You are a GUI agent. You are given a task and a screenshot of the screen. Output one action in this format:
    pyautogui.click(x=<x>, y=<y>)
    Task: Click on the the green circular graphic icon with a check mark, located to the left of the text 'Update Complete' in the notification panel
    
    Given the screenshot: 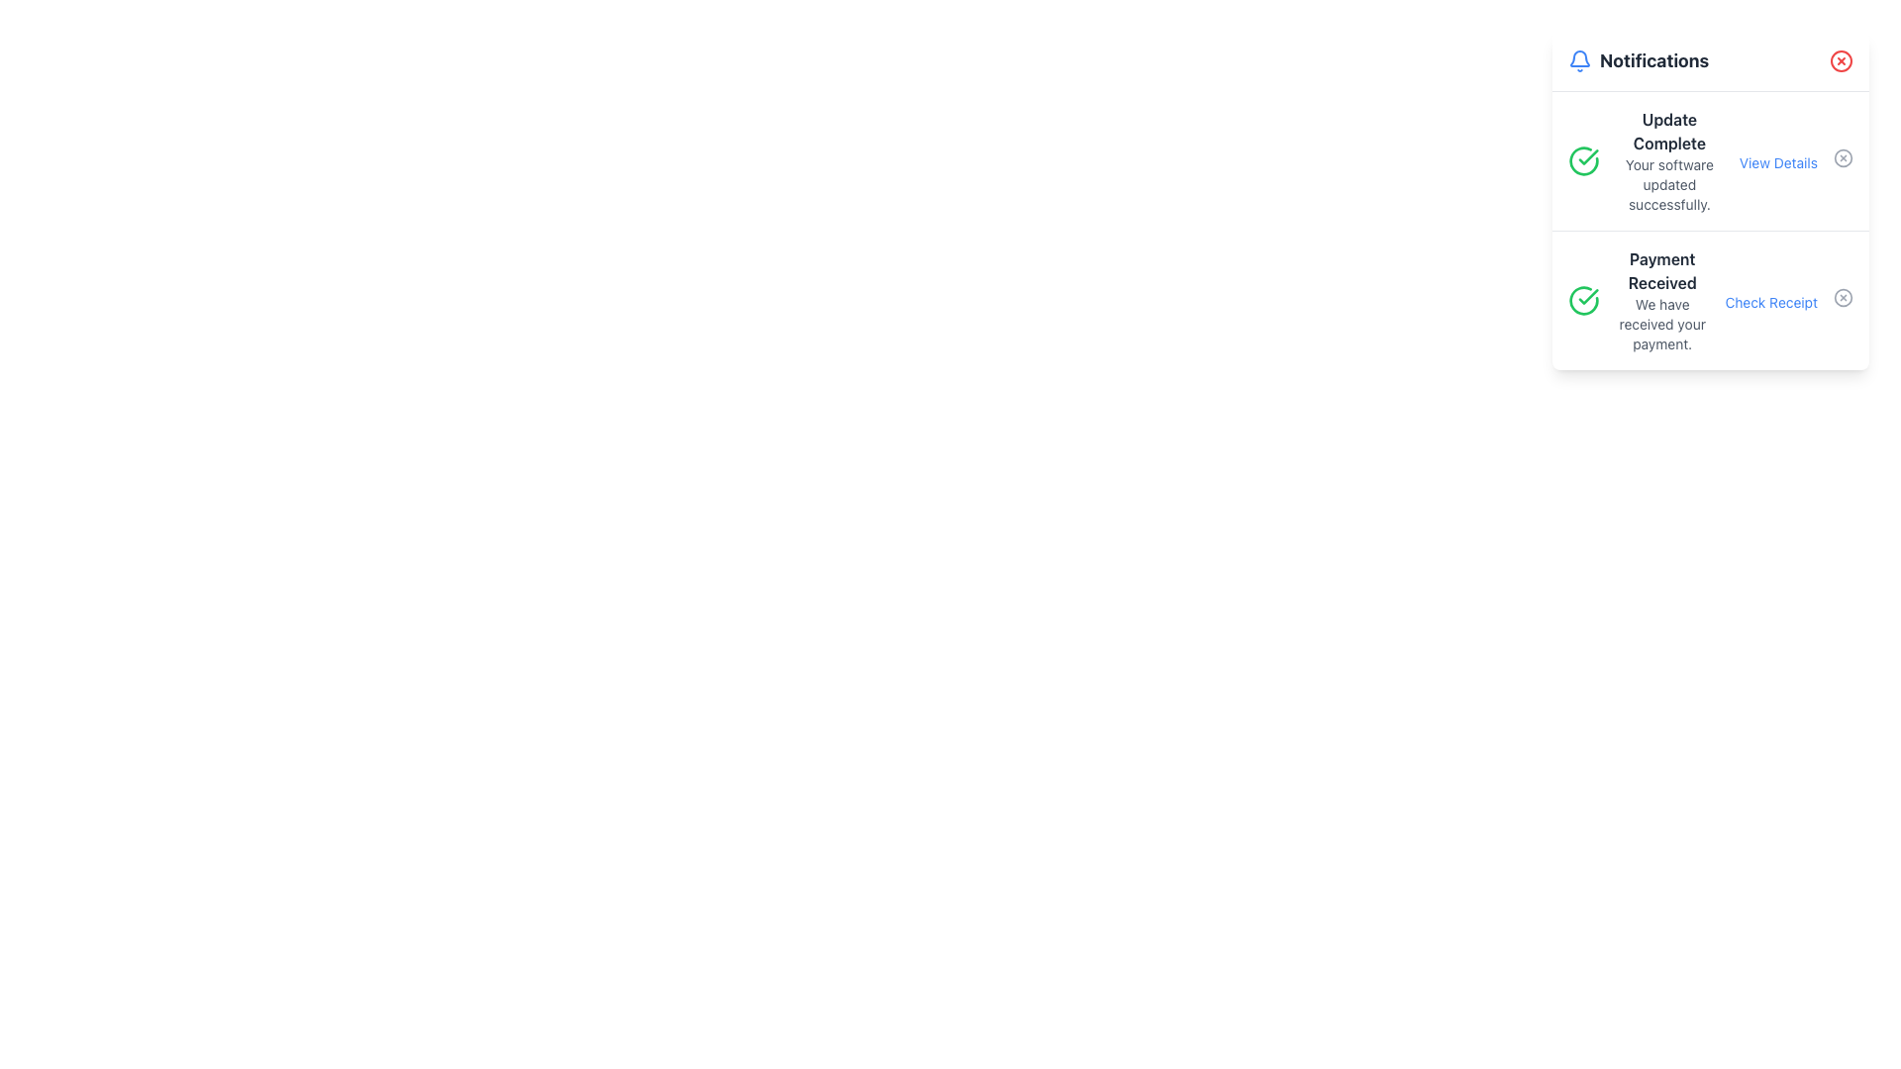 What is the action you would take?
    pyautogui.click(x=1582, y=159)
    